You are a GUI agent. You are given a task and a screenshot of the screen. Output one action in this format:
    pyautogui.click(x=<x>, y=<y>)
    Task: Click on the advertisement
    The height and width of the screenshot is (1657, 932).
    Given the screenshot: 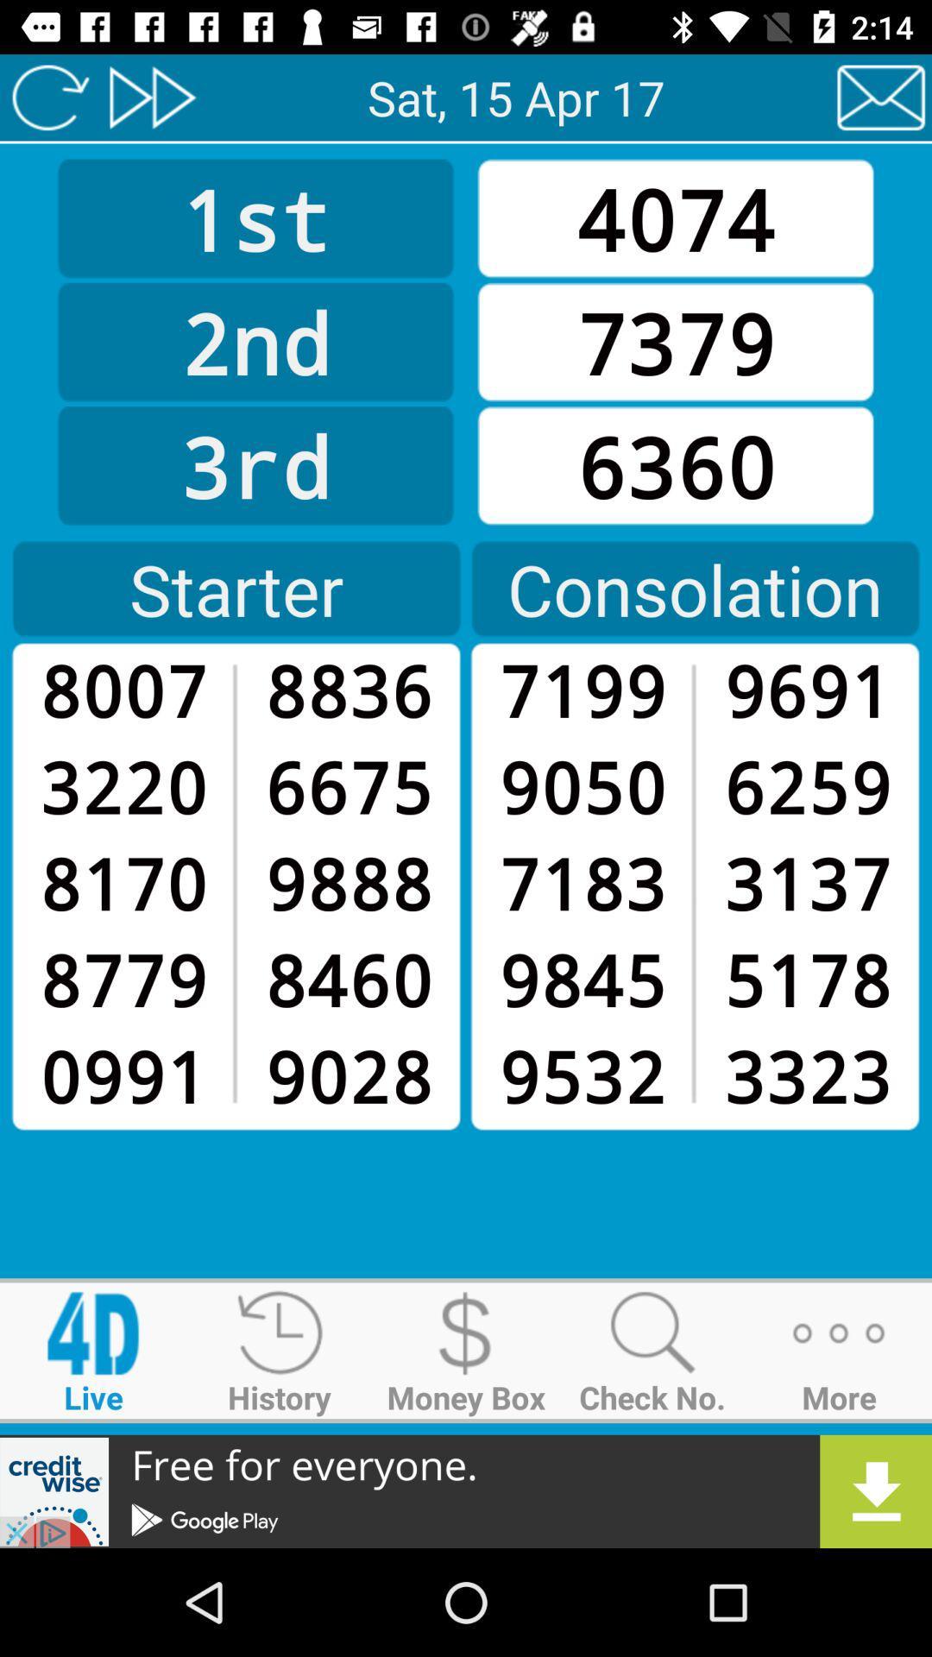 What is the action you would take?
    pyautogui.click(x=466, y=1490)
    